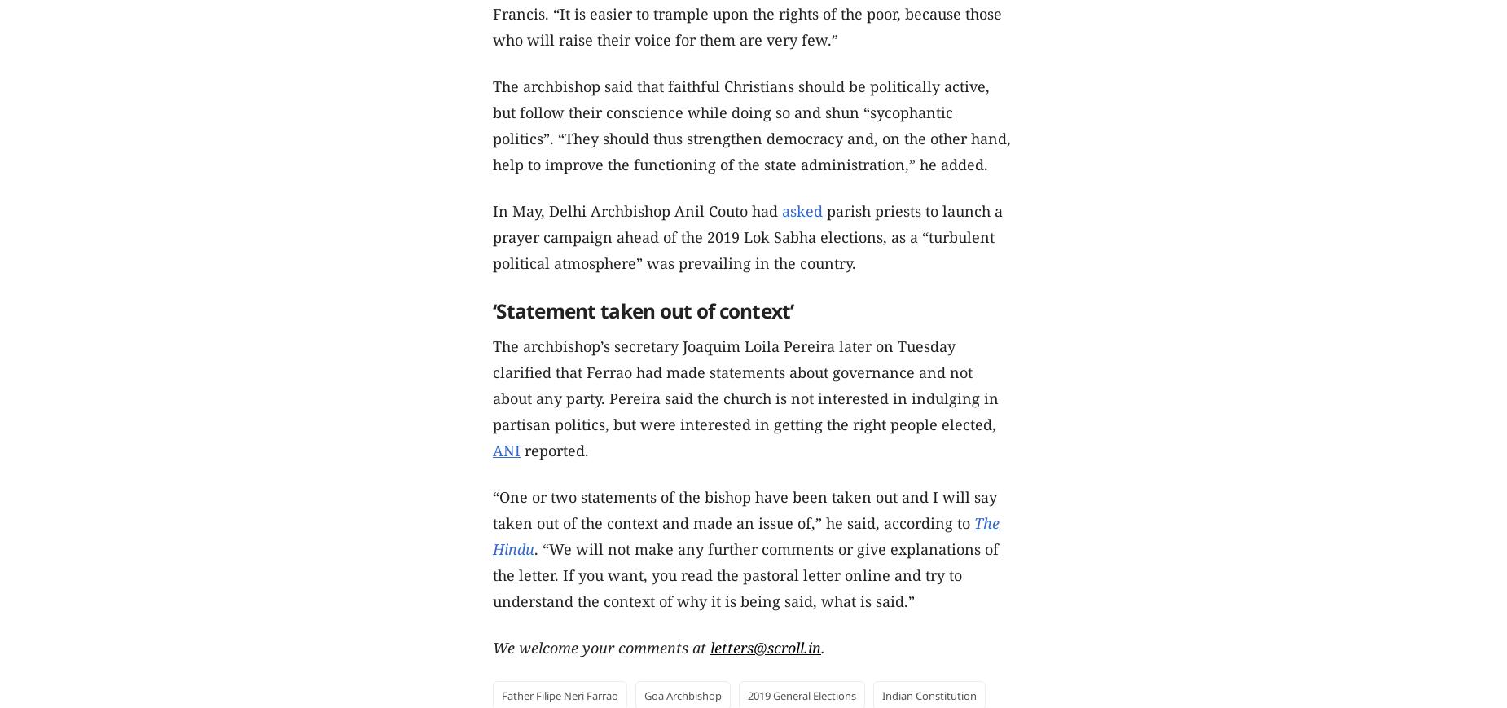  What do you see at coordinates (637, 209) in the screenshot?
I see `'In May, Delhi Archbishop Anil Couto had'` at bounding box center [637, 209].